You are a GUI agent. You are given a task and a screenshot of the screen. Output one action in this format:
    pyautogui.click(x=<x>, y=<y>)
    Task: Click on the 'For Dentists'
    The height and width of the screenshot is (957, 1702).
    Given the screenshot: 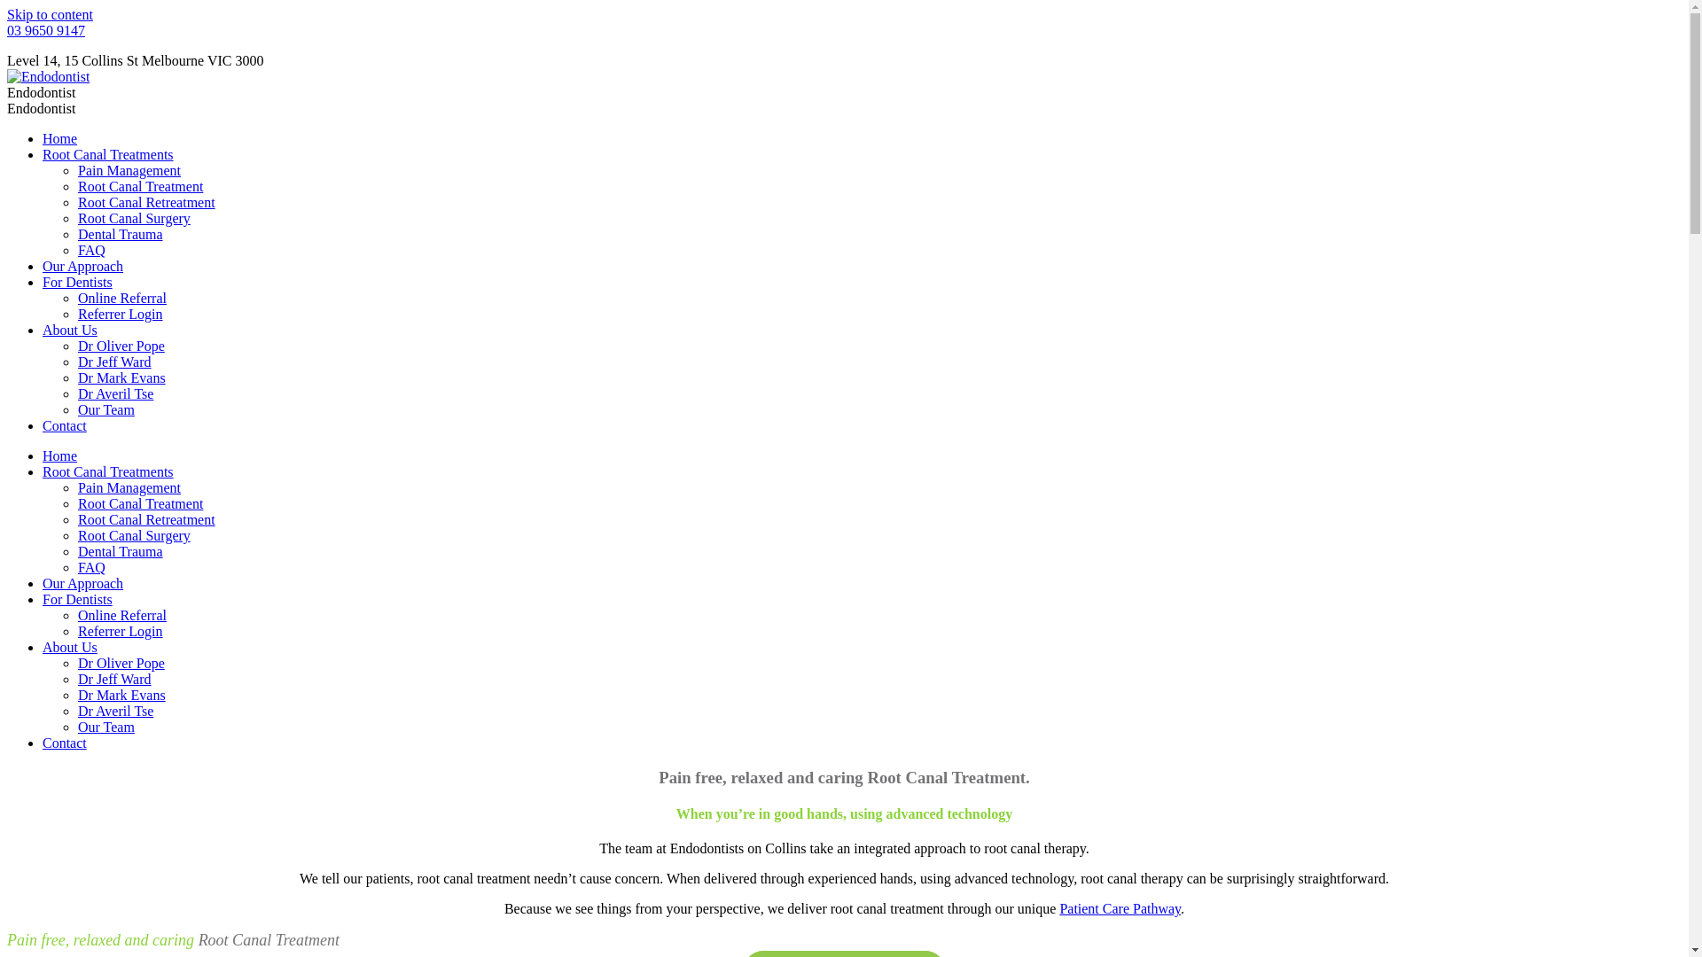 What is the action you would take?
    pyautogui.click(x=76, y=598)
    